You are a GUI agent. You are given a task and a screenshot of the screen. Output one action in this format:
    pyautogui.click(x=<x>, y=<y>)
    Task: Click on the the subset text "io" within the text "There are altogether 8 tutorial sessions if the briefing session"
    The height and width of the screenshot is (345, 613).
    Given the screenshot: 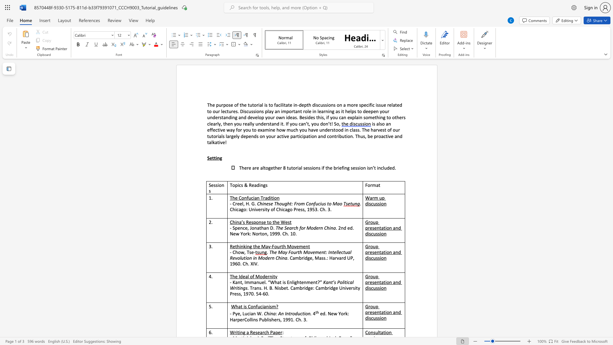 What is the action you would take?
    pyautogui.click(x=359, y=167)
    